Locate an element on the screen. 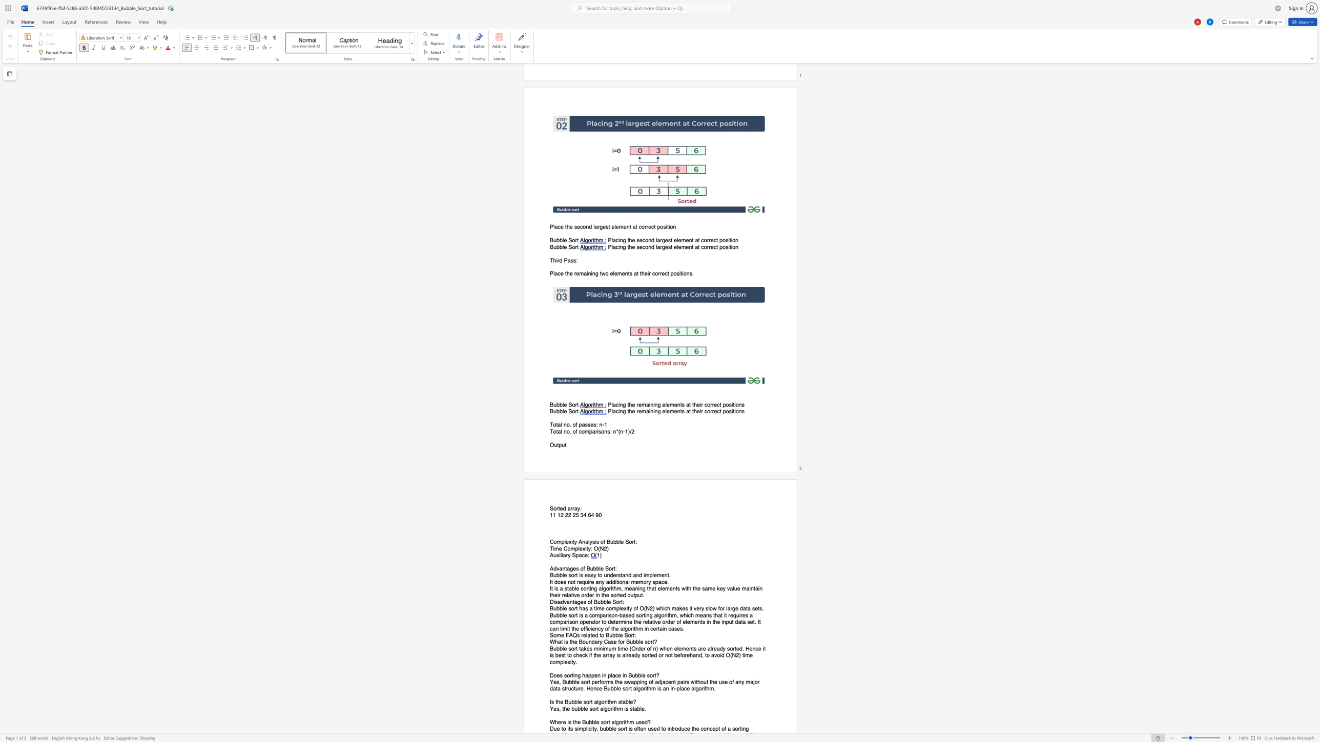 The image size is (1320, 742). the subset text "of the algorithm" within the text "the relative order of elements in the input data set. It can limit the efficiency of the algorithm in certain cases." is located at coordinates (605, 628).